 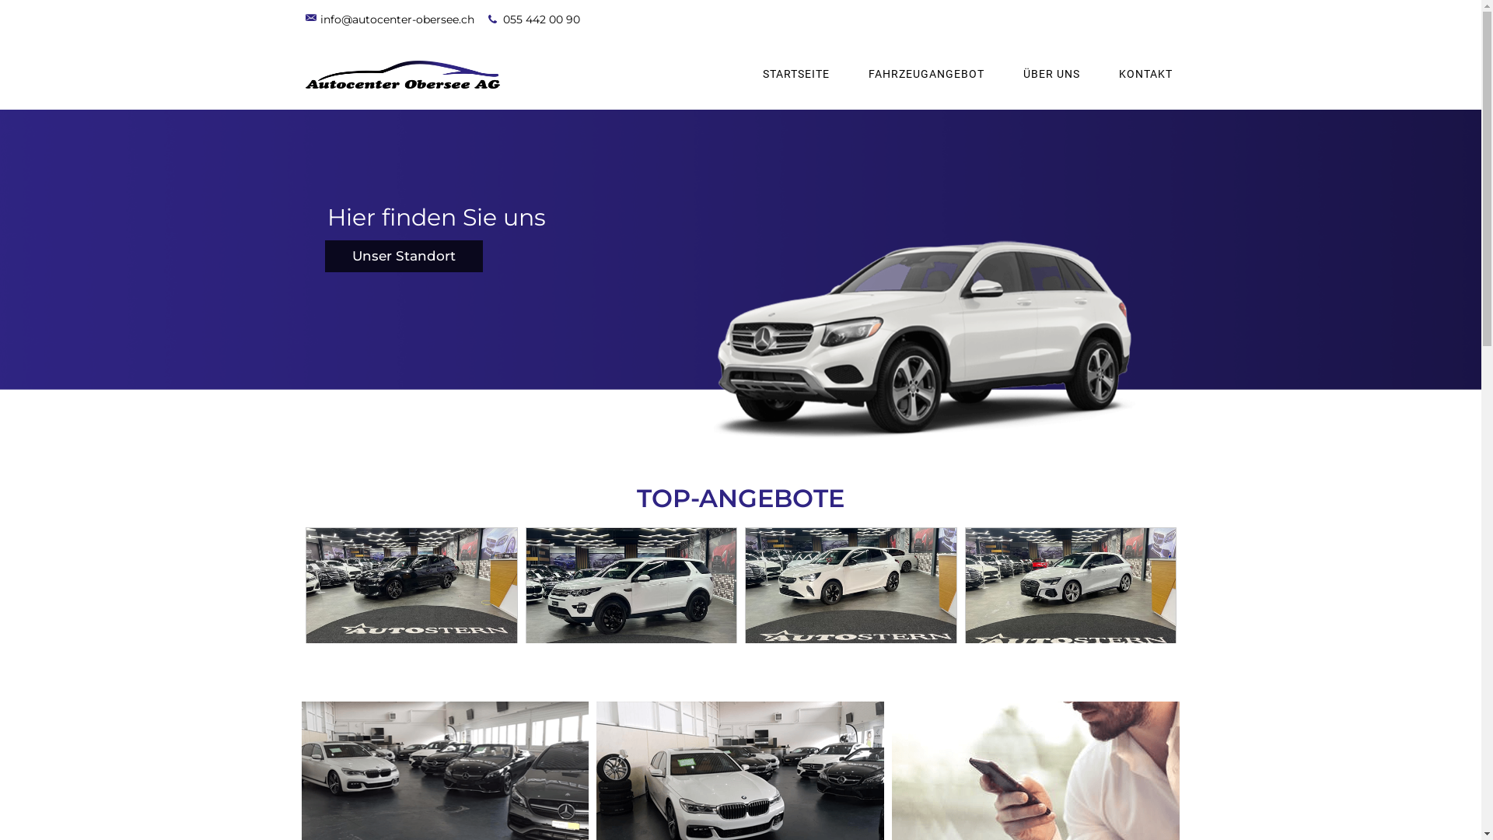 I want to click on 'info@autocenter-obersee.ch', so click(x=389, y=19).